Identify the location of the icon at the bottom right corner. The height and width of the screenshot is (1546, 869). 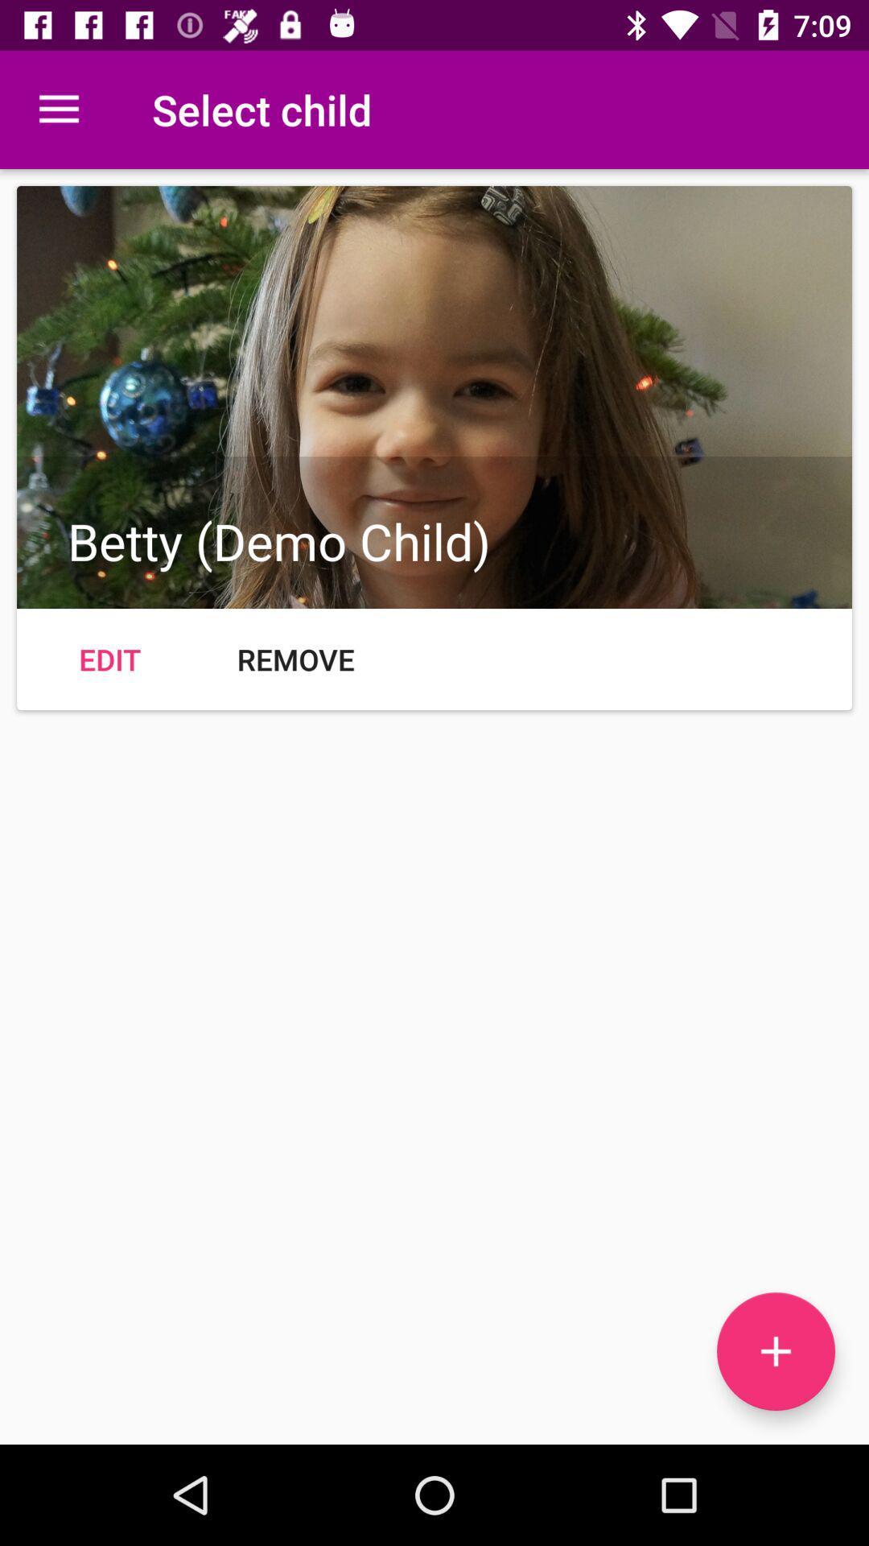
(775, 1351).